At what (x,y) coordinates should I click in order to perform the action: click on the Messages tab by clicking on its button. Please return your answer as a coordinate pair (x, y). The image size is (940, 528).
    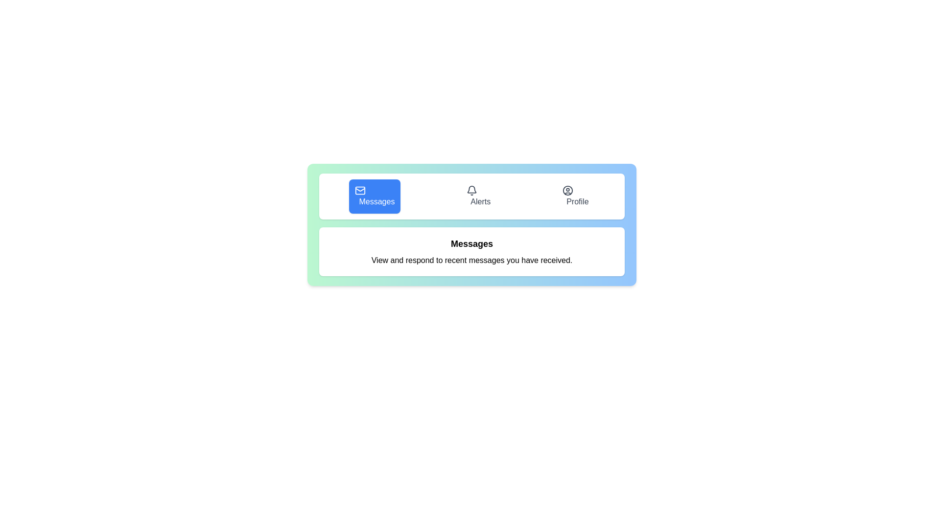
    Looking at the image, I should click on (374, 196).